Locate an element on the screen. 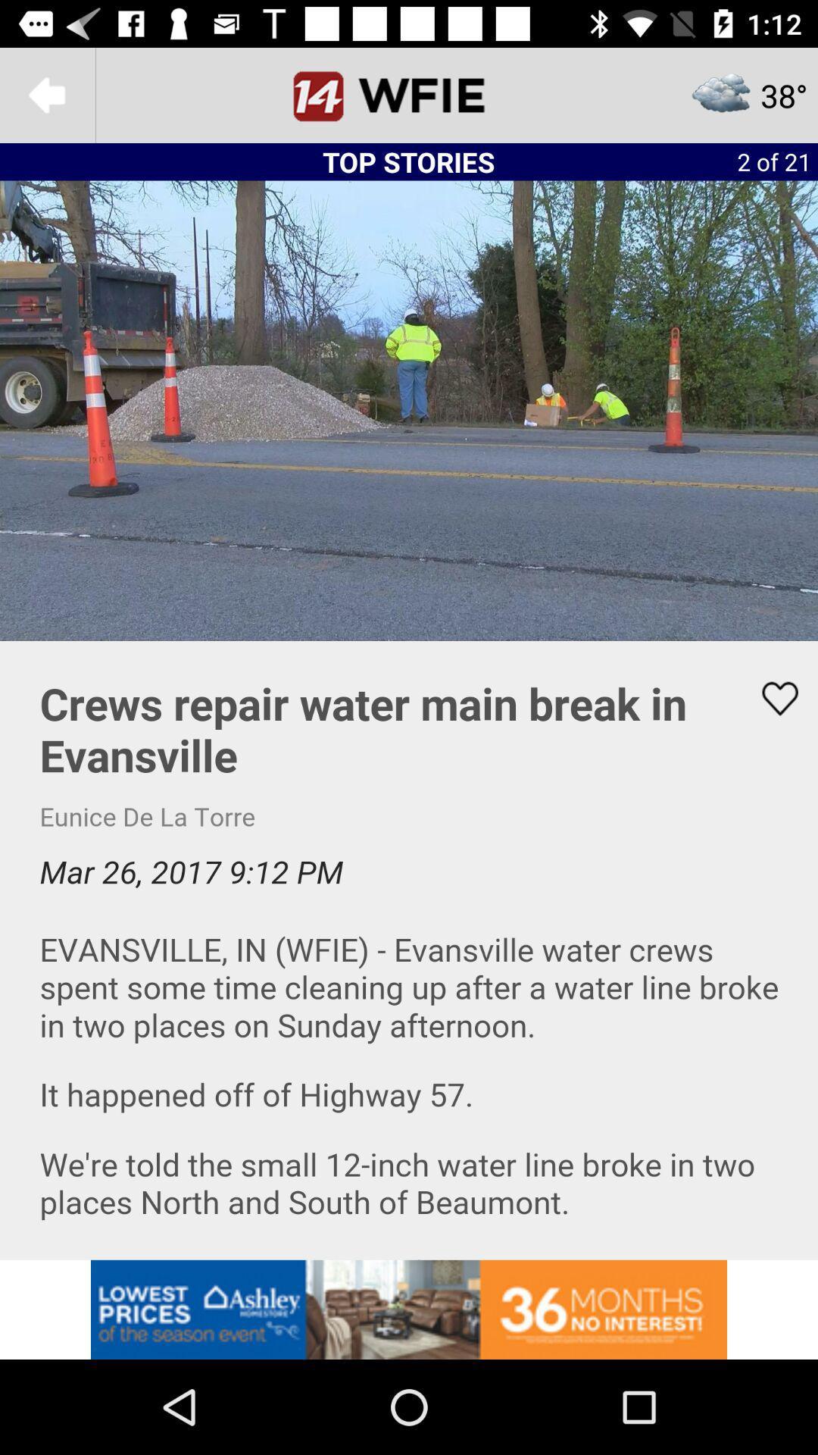 This screenshot has height=1455, width=818. the favorite icon is located at coordinates (770, 698).